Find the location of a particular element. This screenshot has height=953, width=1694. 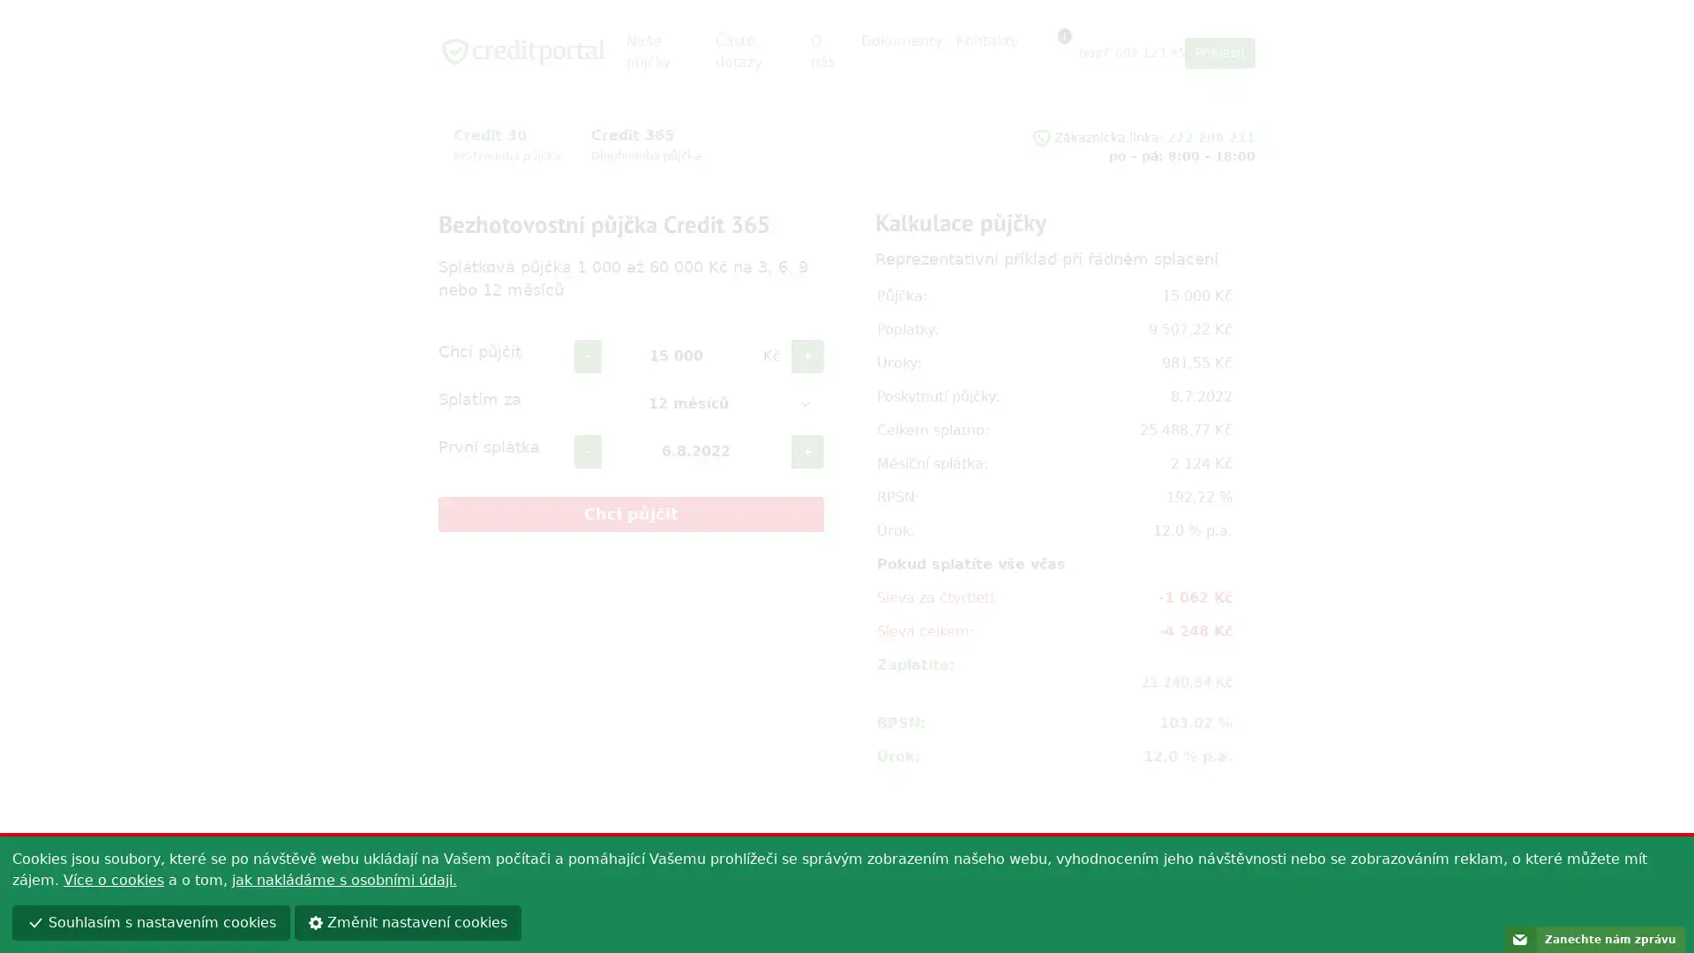

Chci pujcit is located at coordinates (631, 514).